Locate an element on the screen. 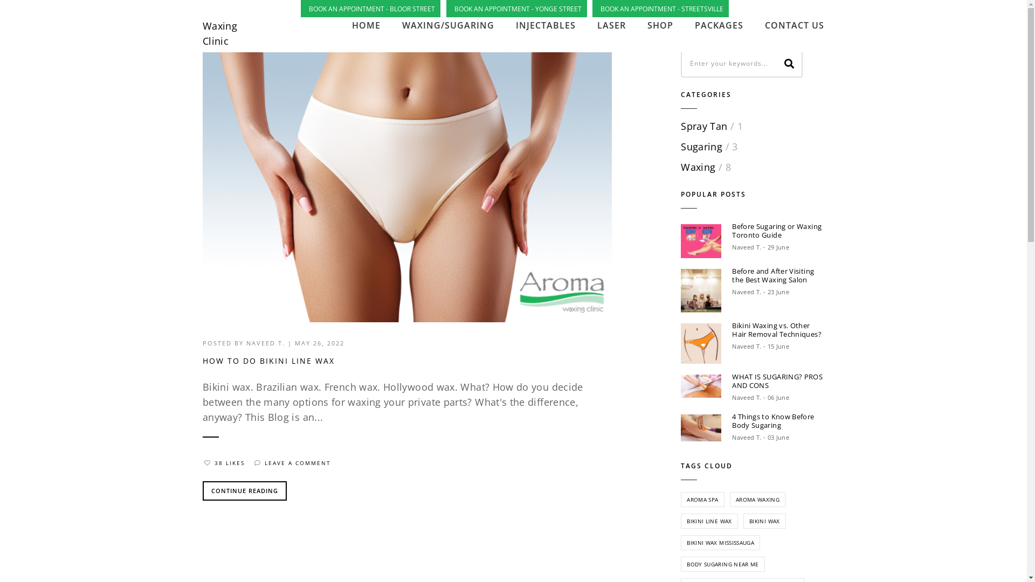 Image resolution: width=1035 pixels, height=582 pixels. 'AROMA SPA' is located at coordinates (702, 499).